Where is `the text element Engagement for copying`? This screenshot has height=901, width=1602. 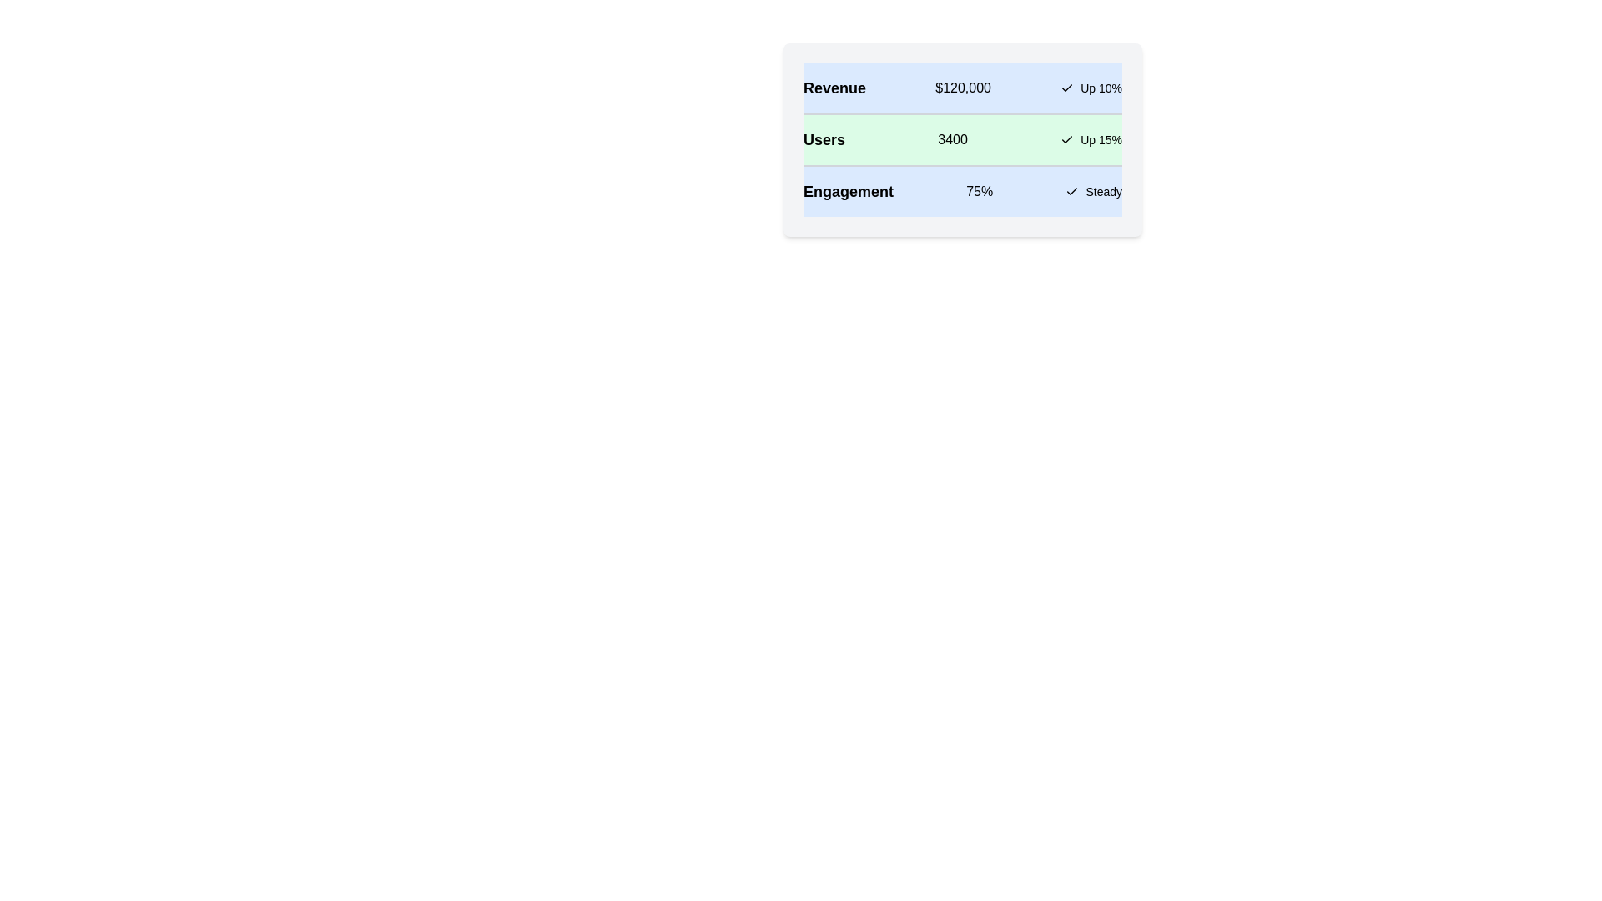 the text element Engagement for copying is located at coordinates (849, 191).